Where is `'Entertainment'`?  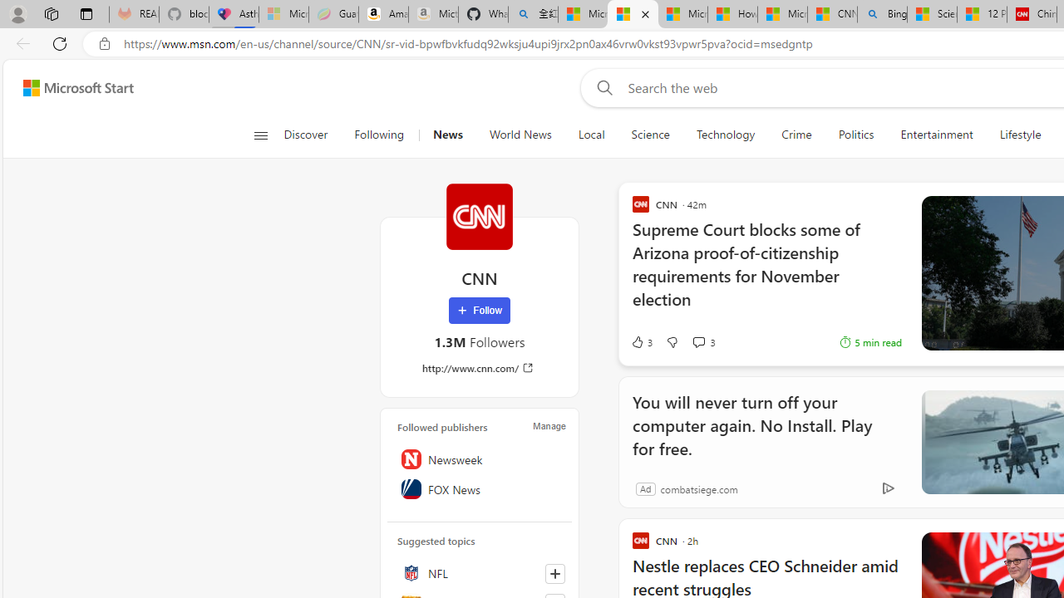 'Entertainment' is located at coordinates (937, 135).